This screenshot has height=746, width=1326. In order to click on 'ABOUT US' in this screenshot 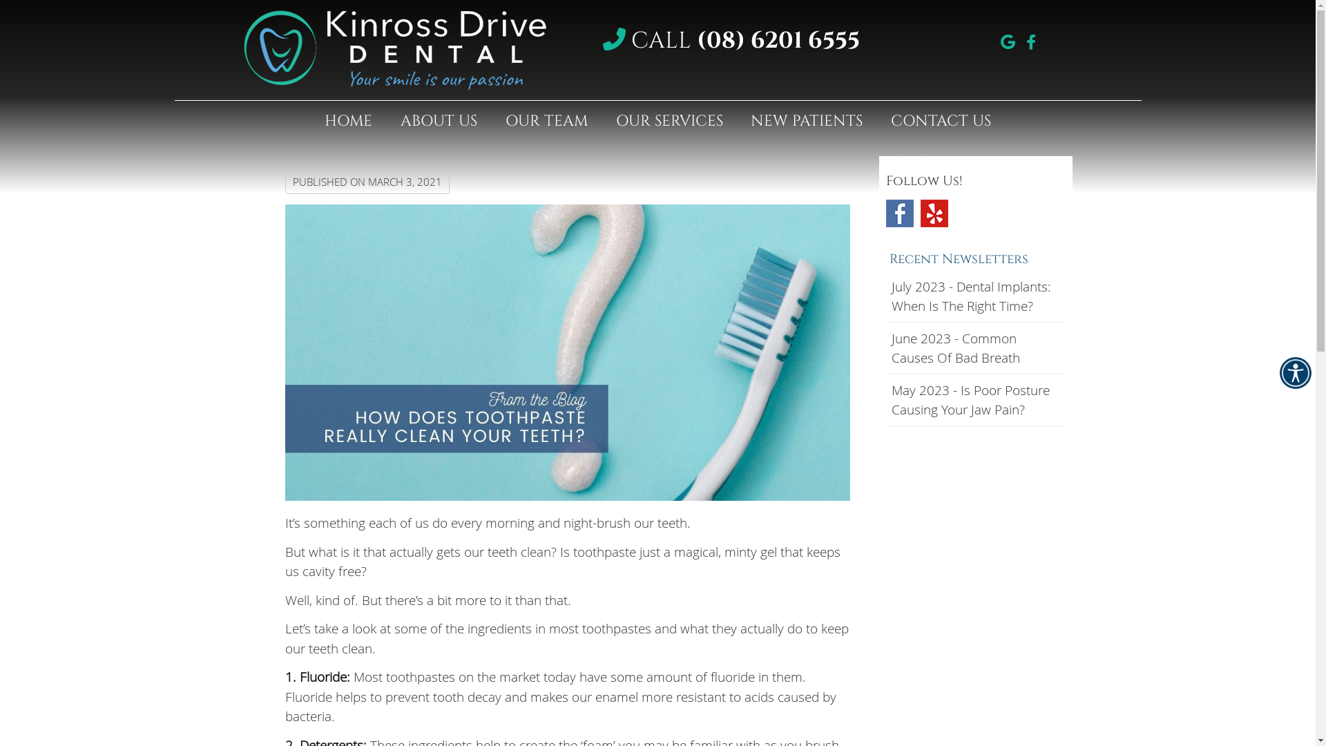, I will do `click(387, 121)`.